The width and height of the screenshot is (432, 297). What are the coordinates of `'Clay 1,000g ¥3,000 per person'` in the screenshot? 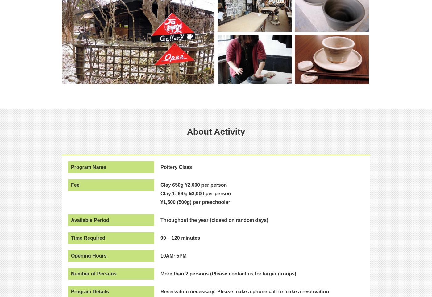 It's located at (196, 193).